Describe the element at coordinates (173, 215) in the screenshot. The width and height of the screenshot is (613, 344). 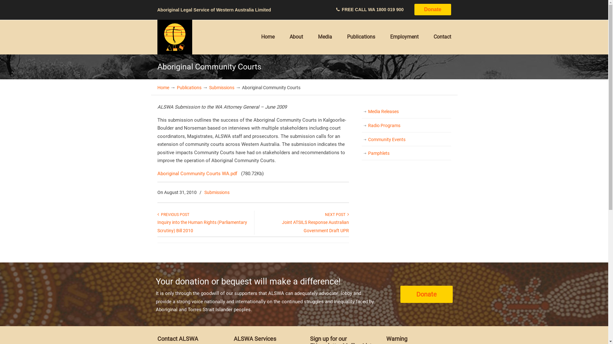
I see `' PREVIOUS POST'` at that location.